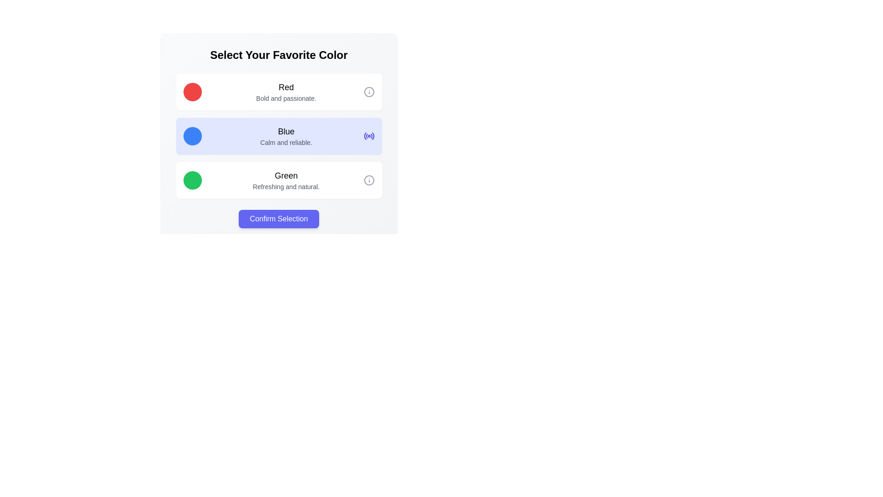 This screenshot has height=497, width=883. What do you see at coordinates (286, 98) in the screenshot?
I see `text element that reads 'Bold and passionate.' which is styled in a smaller font size with gray color, located below the heading 'Red'` at bounding box center [286, 98].